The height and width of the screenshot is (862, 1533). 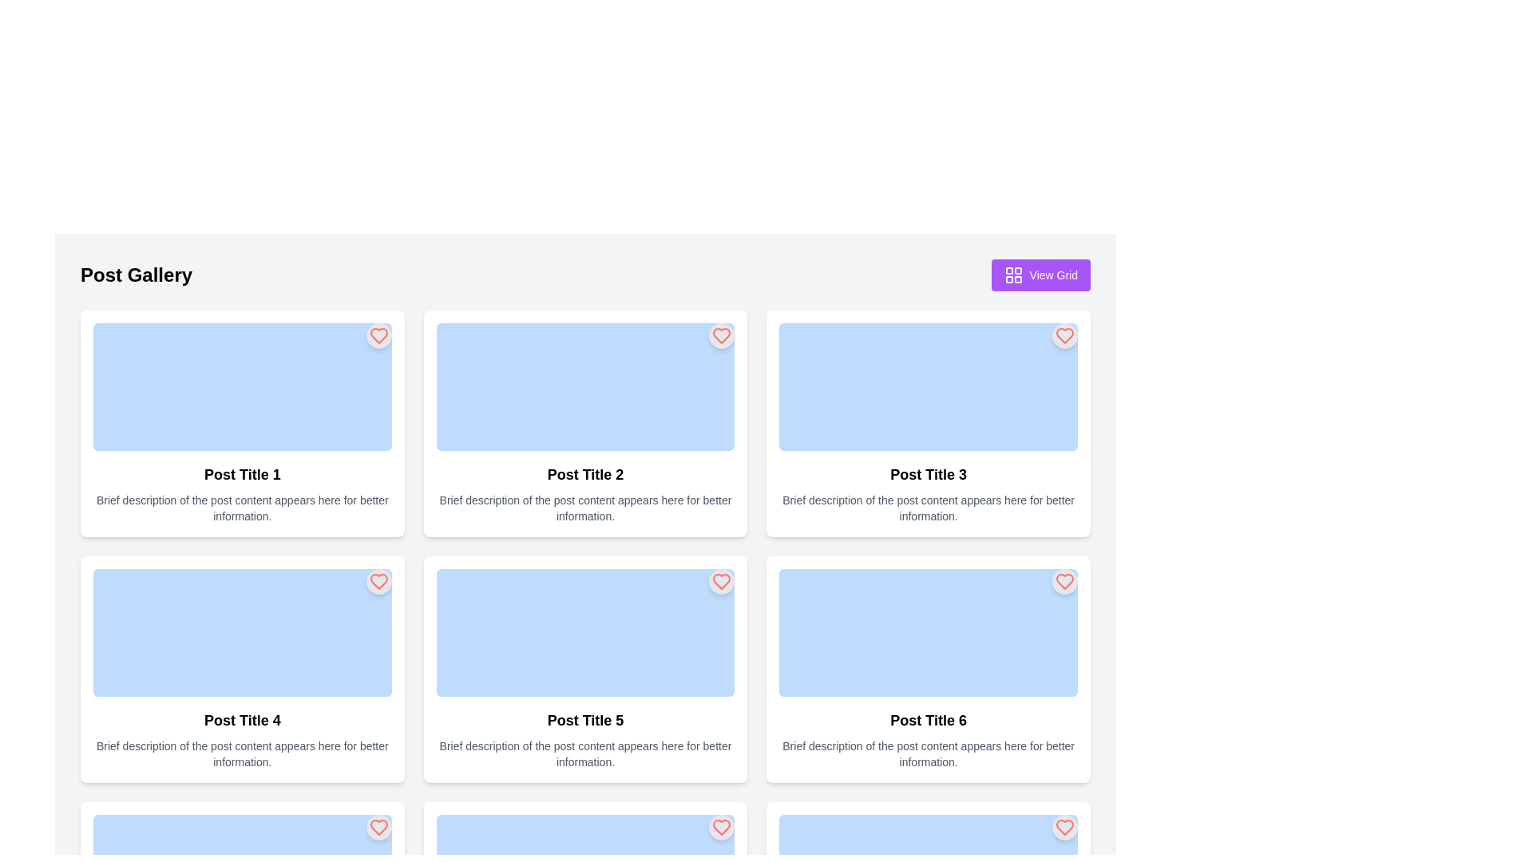 I want to click on the text label that serves as the title for the page, indicating the content as 'Post Gallery', so click(x=137, y=274).